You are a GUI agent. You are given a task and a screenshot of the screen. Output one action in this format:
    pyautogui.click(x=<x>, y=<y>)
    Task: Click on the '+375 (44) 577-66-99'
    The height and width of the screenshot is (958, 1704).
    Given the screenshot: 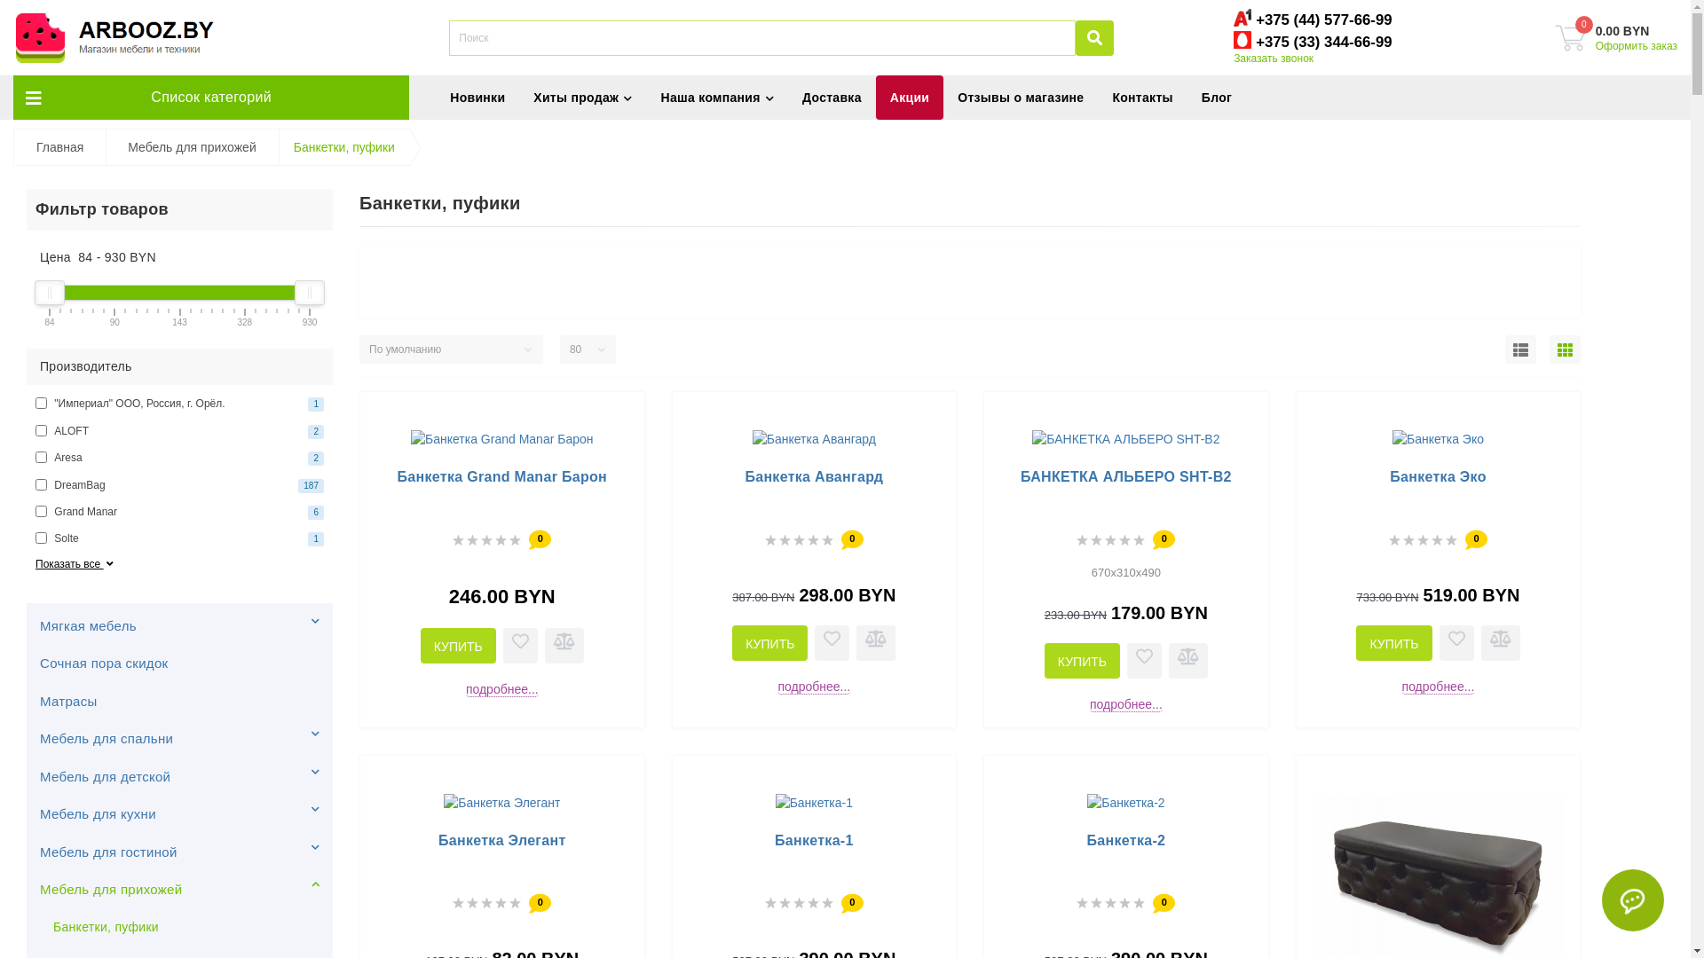 What is the action you would take?
    pyautogui.click(x=1323, y=20)
    